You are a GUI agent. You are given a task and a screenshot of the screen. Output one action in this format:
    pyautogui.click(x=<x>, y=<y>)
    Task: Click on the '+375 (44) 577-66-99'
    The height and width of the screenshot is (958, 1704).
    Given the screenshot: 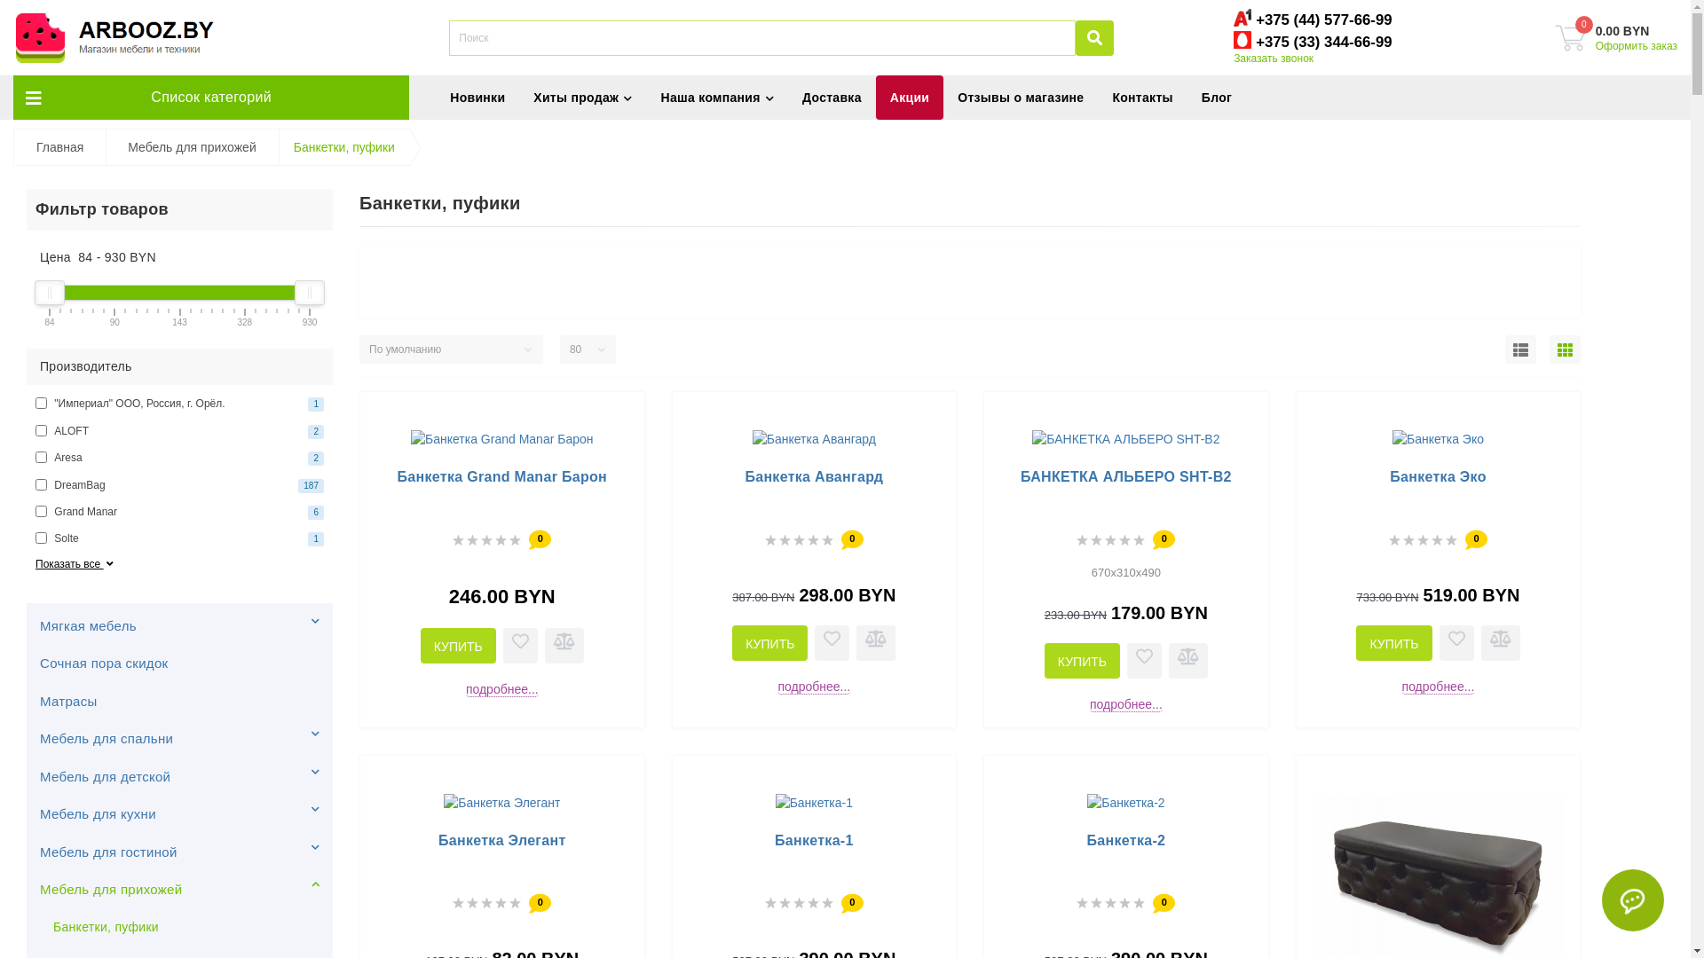 What is the action you would take?
    pyautogui.click(x=1323, y=20)
    